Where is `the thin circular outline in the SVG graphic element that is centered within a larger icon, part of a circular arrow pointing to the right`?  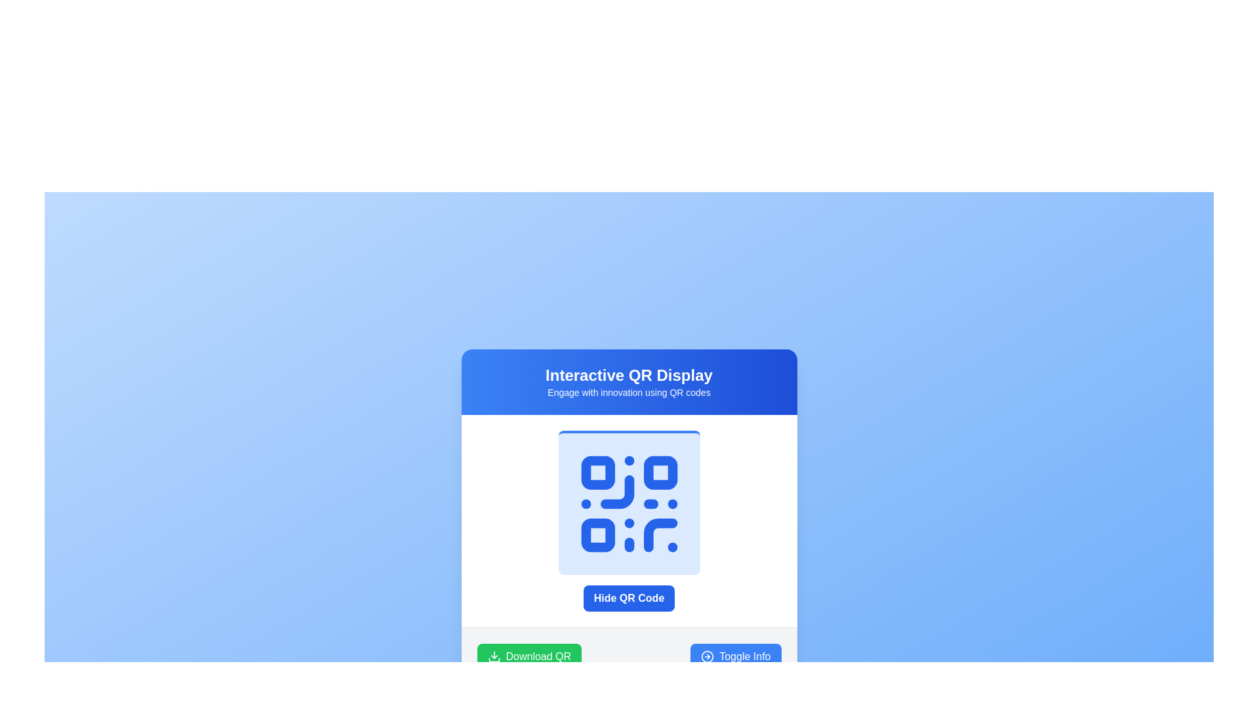 the thin circular outline in the SVG graphic element that is centered within a larger icon, part of a circular arrow pointing to the right is located at coordinates (707, 656).